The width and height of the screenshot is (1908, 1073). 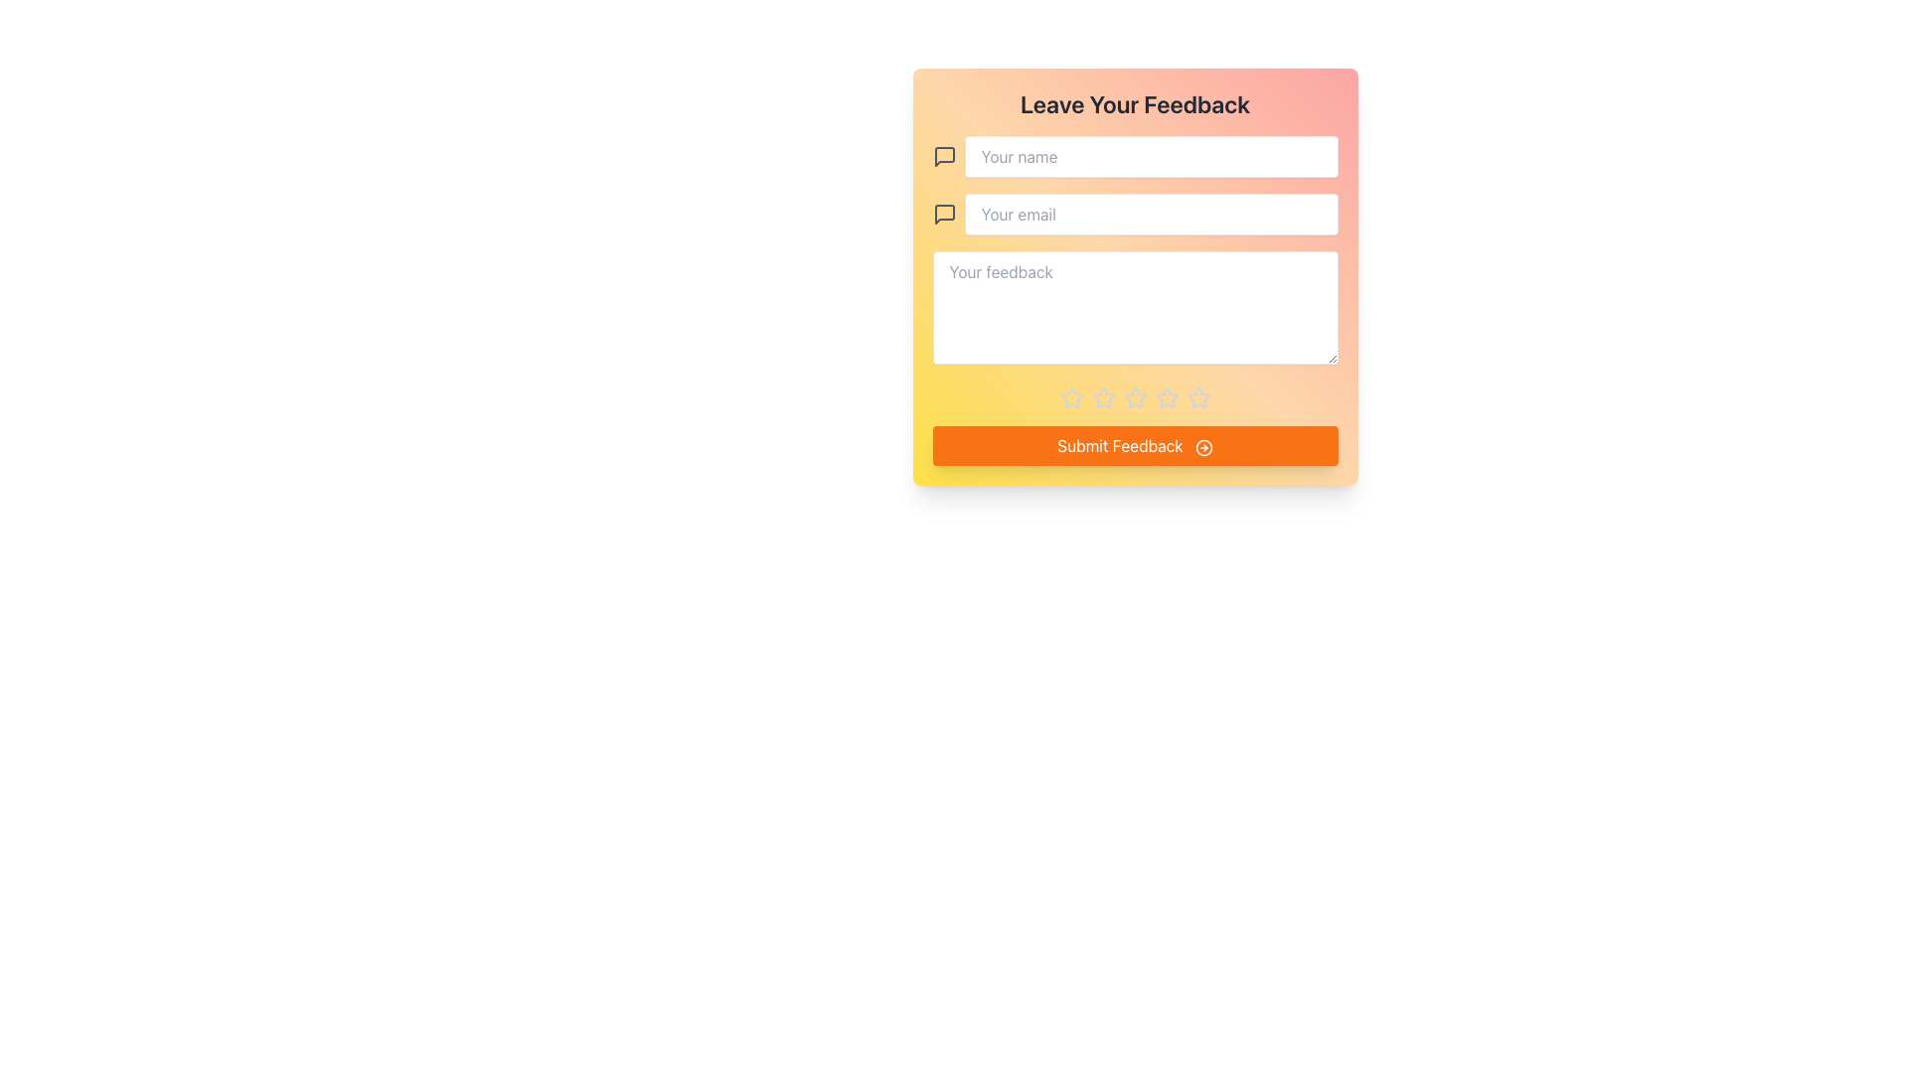 What do you see at coordinates (1135, 397) in the screenshot?
I see `the third star in the rating system` at bounding box center [1135, 397].